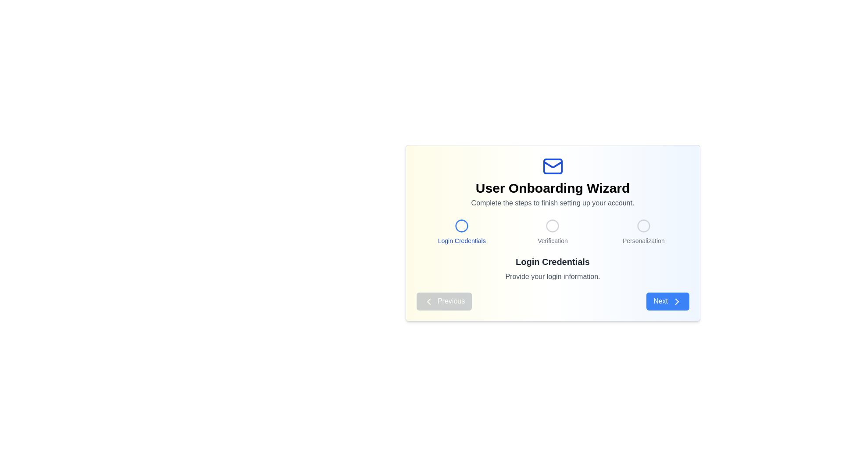  What do you see at coordinates (552, 229) in the screenshot?
I see `the Visual Step Indicator for the 'Verification' step in the user onboarding wizard` at bounding box center [552, 229].